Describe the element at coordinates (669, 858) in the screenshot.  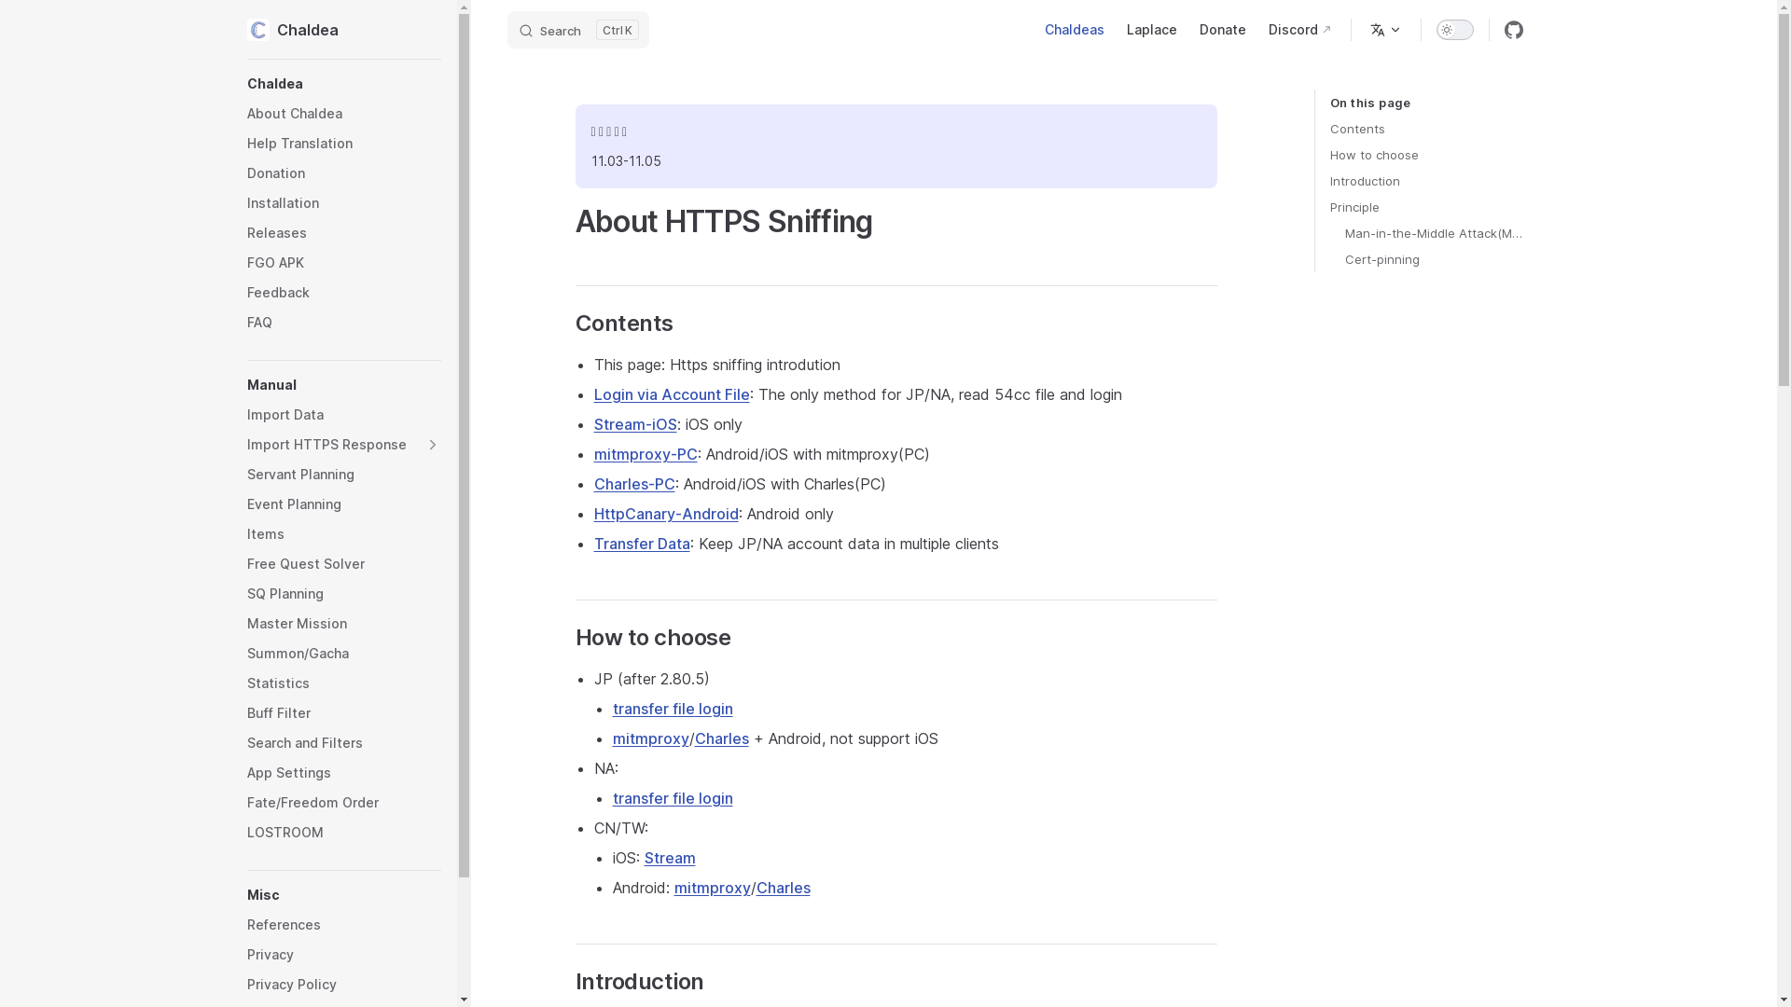
I see `'Stream'` at that location.